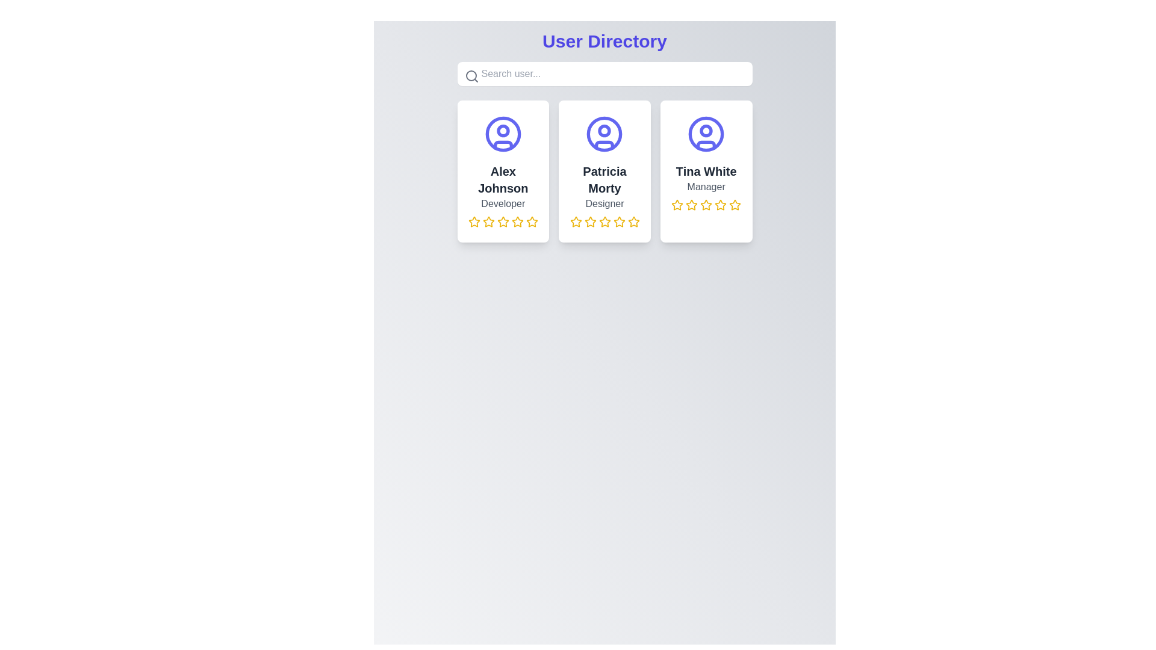 Image resolution: width=1156 pixels, height=650 pixels. Describe the element at coordinates (692, 204) in the screenshot. I see `the visual representation of the third star in the five-star rating for user Tina White, located in the User Directory` at that location.